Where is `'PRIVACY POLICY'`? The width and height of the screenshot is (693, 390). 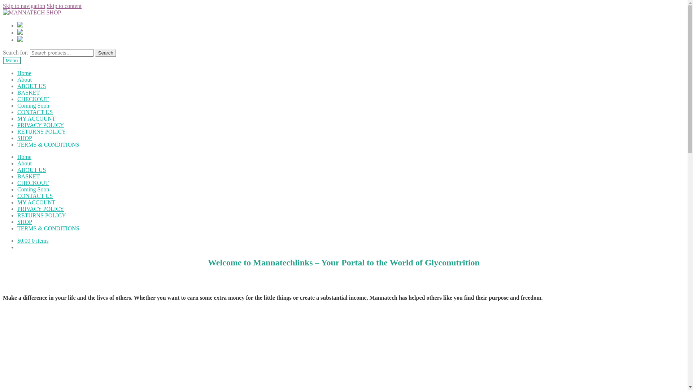 'PRIVACY POLICY' is located at coordinates (40, 125).